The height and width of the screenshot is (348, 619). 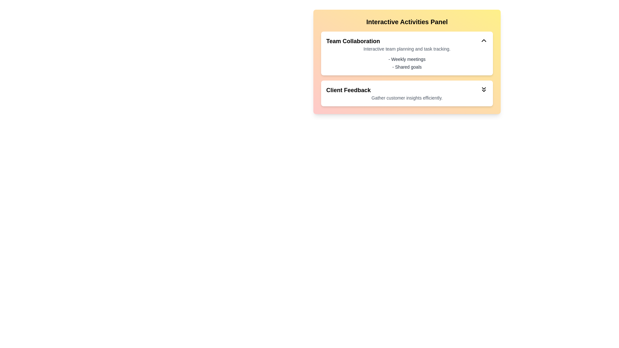 What do you see at coordinates (353, 41) in the screenshot?
I see `the text of the section titled Team Collaboration` at bounding box center [353, 41].